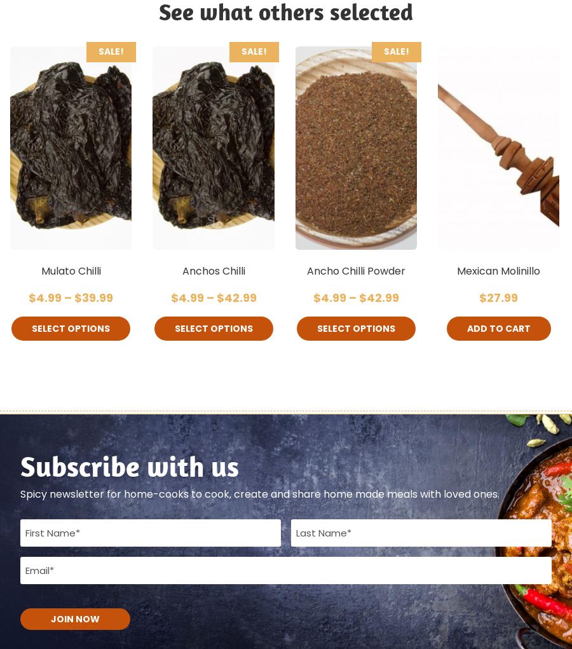 The image size is (572, 649). I want to click on 'Add to cart', so click(497, 328).